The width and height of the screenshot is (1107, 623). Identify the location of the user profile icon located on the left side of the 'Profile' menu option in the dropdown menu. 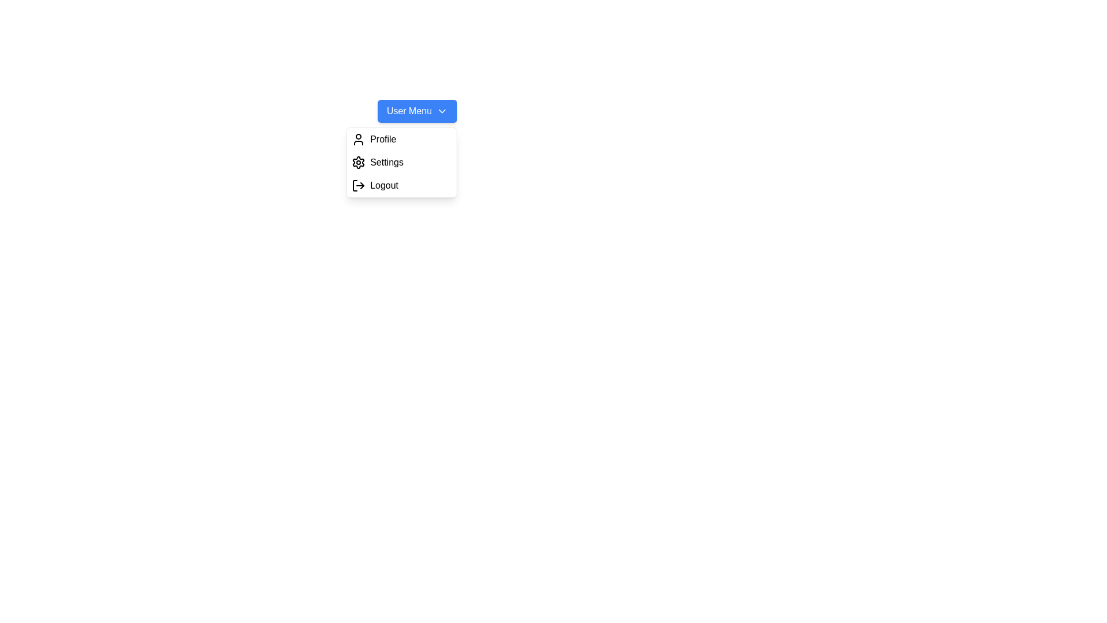
(358, 139).